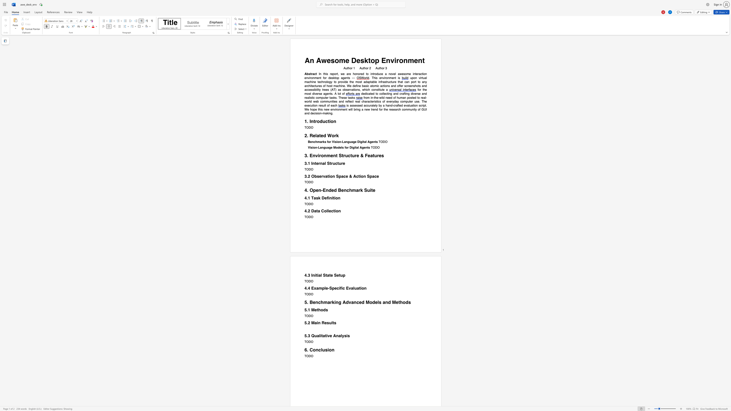 This screenshot has height=411, width=731. I want to click on the subset text "tely by a hand-crafted evaluat" within the text "is assessed accurately by a hand-crafted evaluation script. We hope this", so click(373, 106).